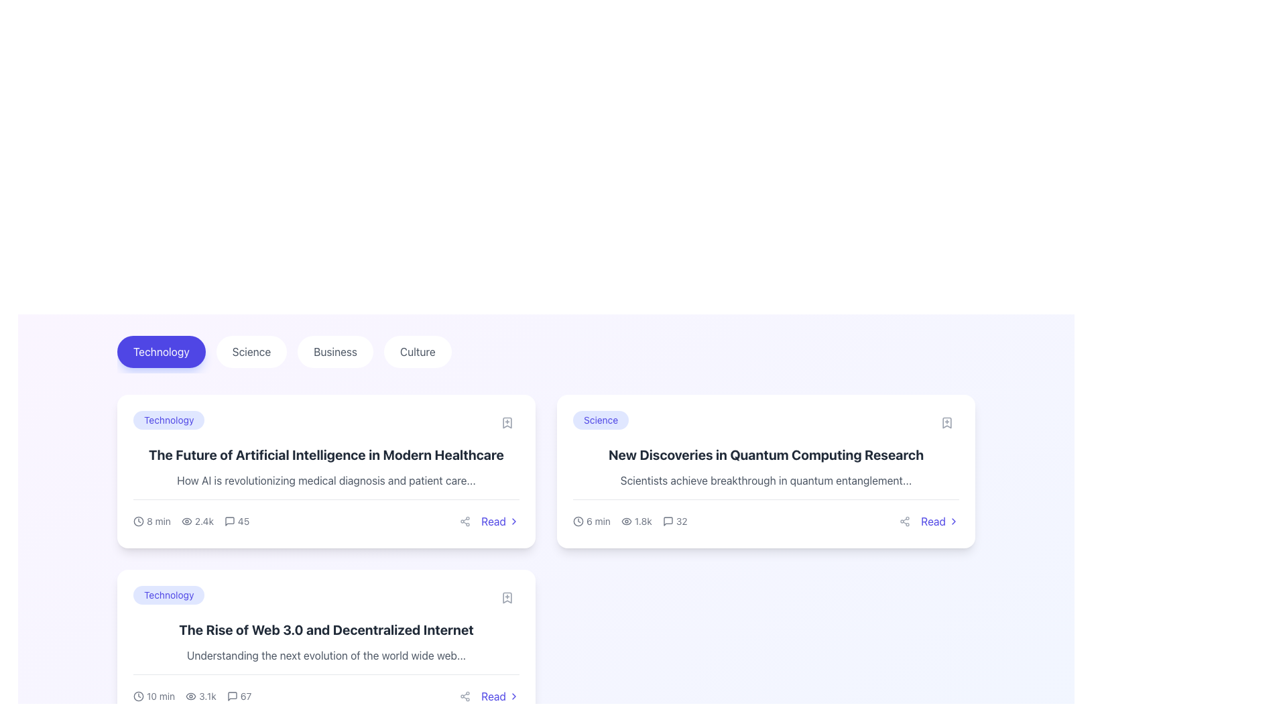 This screenshot has height=724, width=1287. Describe the element at coordinates (326, 454) in the screenshot. I see `headline text of the hyperlink styled header titled 'The Future of Artificial Intelligence in Modern Healthcare' located in the upper section of the first card under the 'Technology' category` at that location.